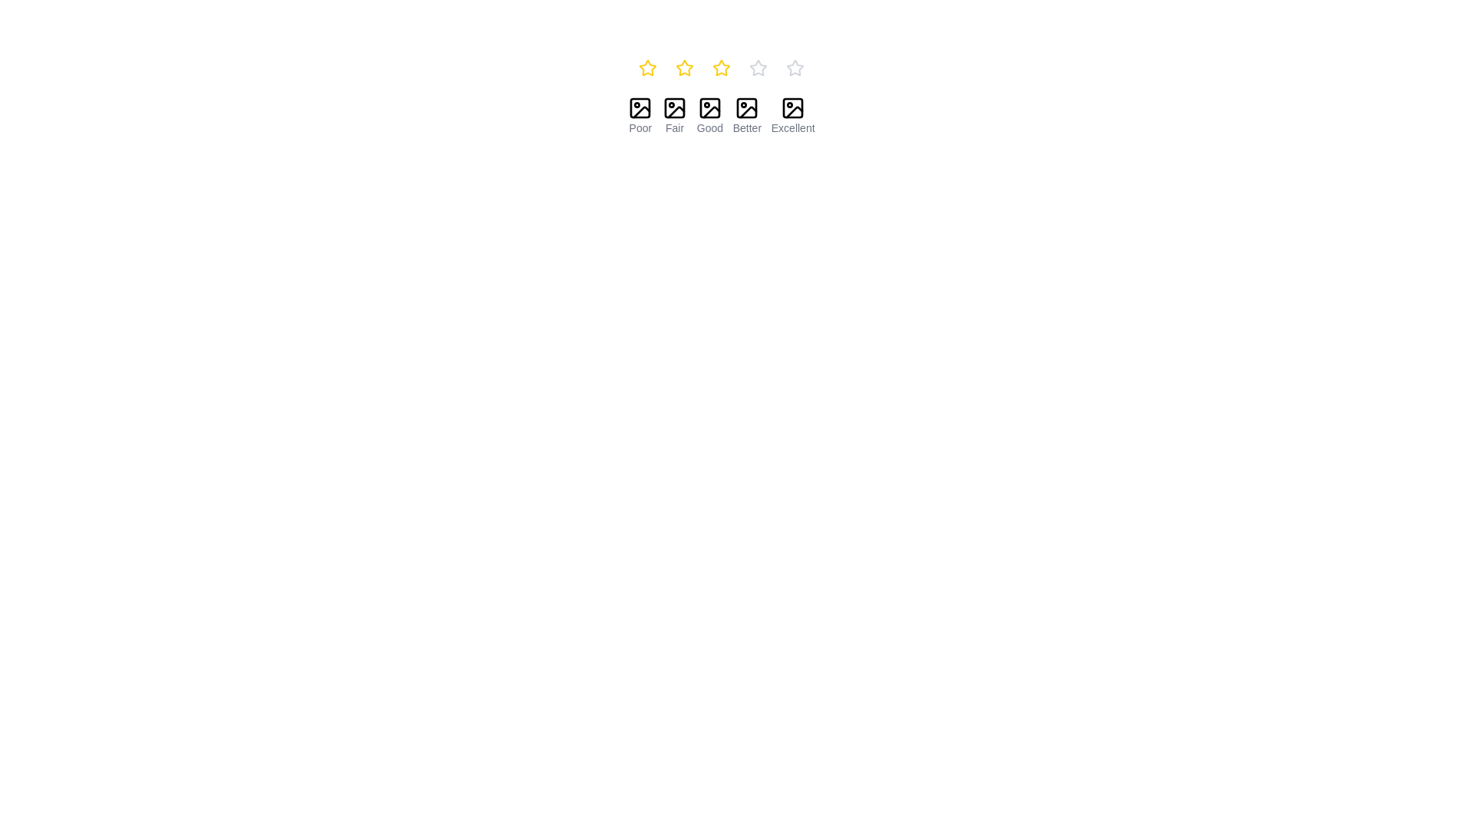 The width and height of the screenshot is (1474, 829). Describe the element at coordinates (747, 107) in the screenshot. I see `the fourth icon in a horizontal line of five icons` at that location.